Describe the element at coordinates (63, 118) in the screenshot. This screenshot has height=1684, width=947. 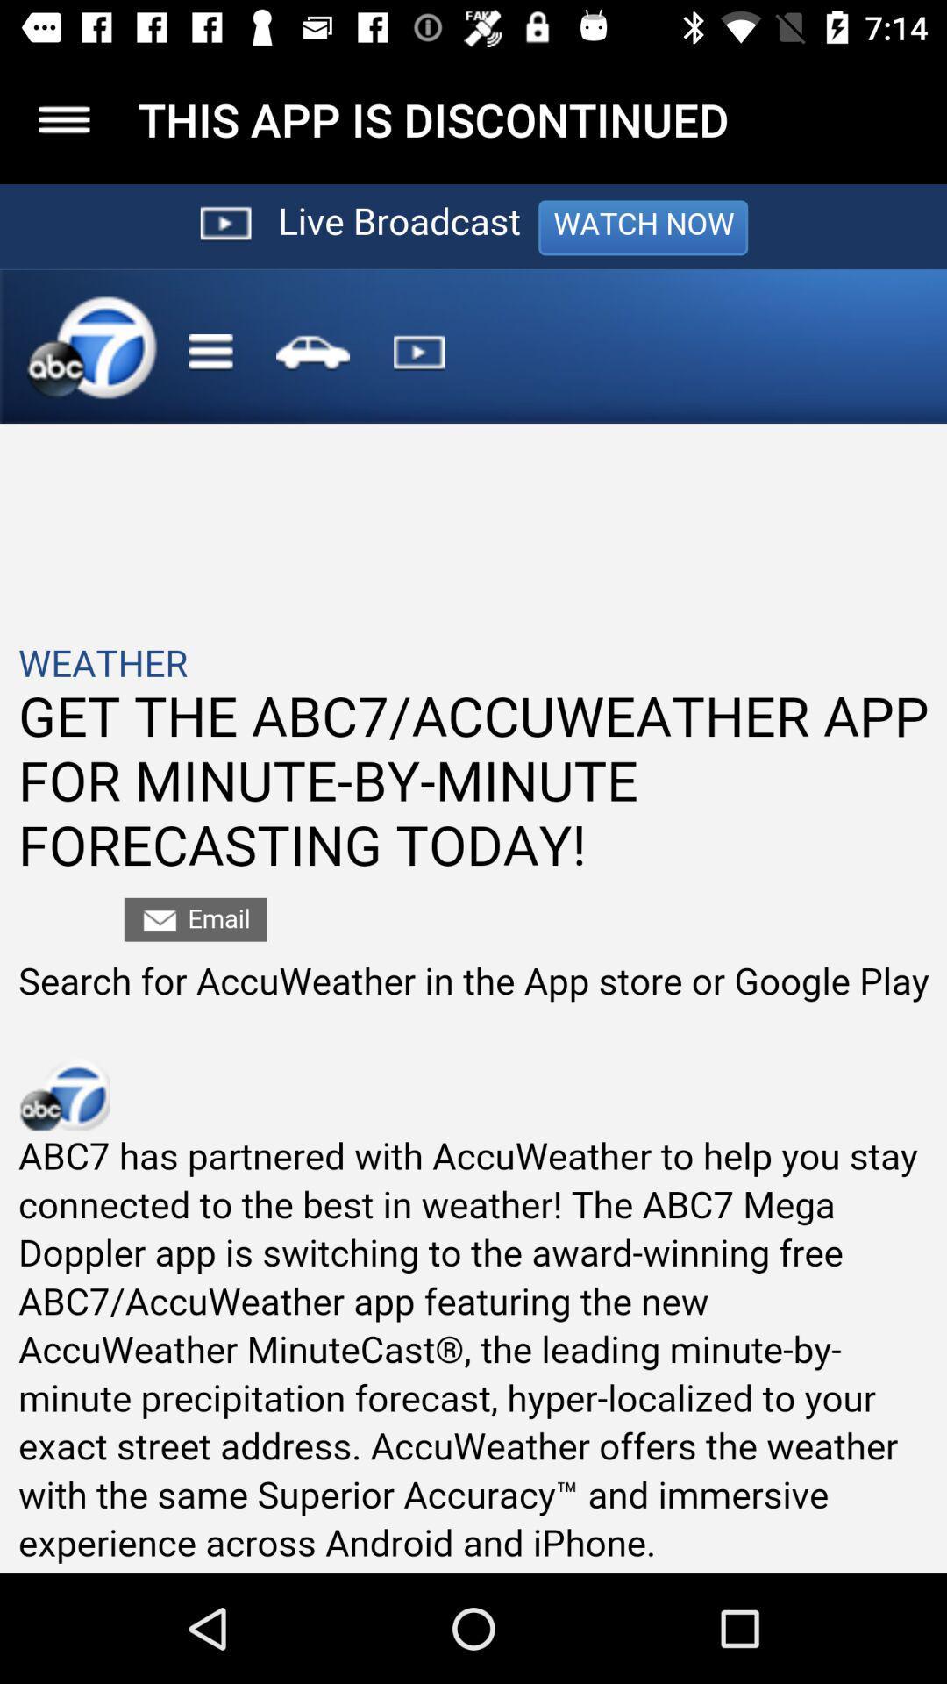
I see `hamburger menu` at that location.